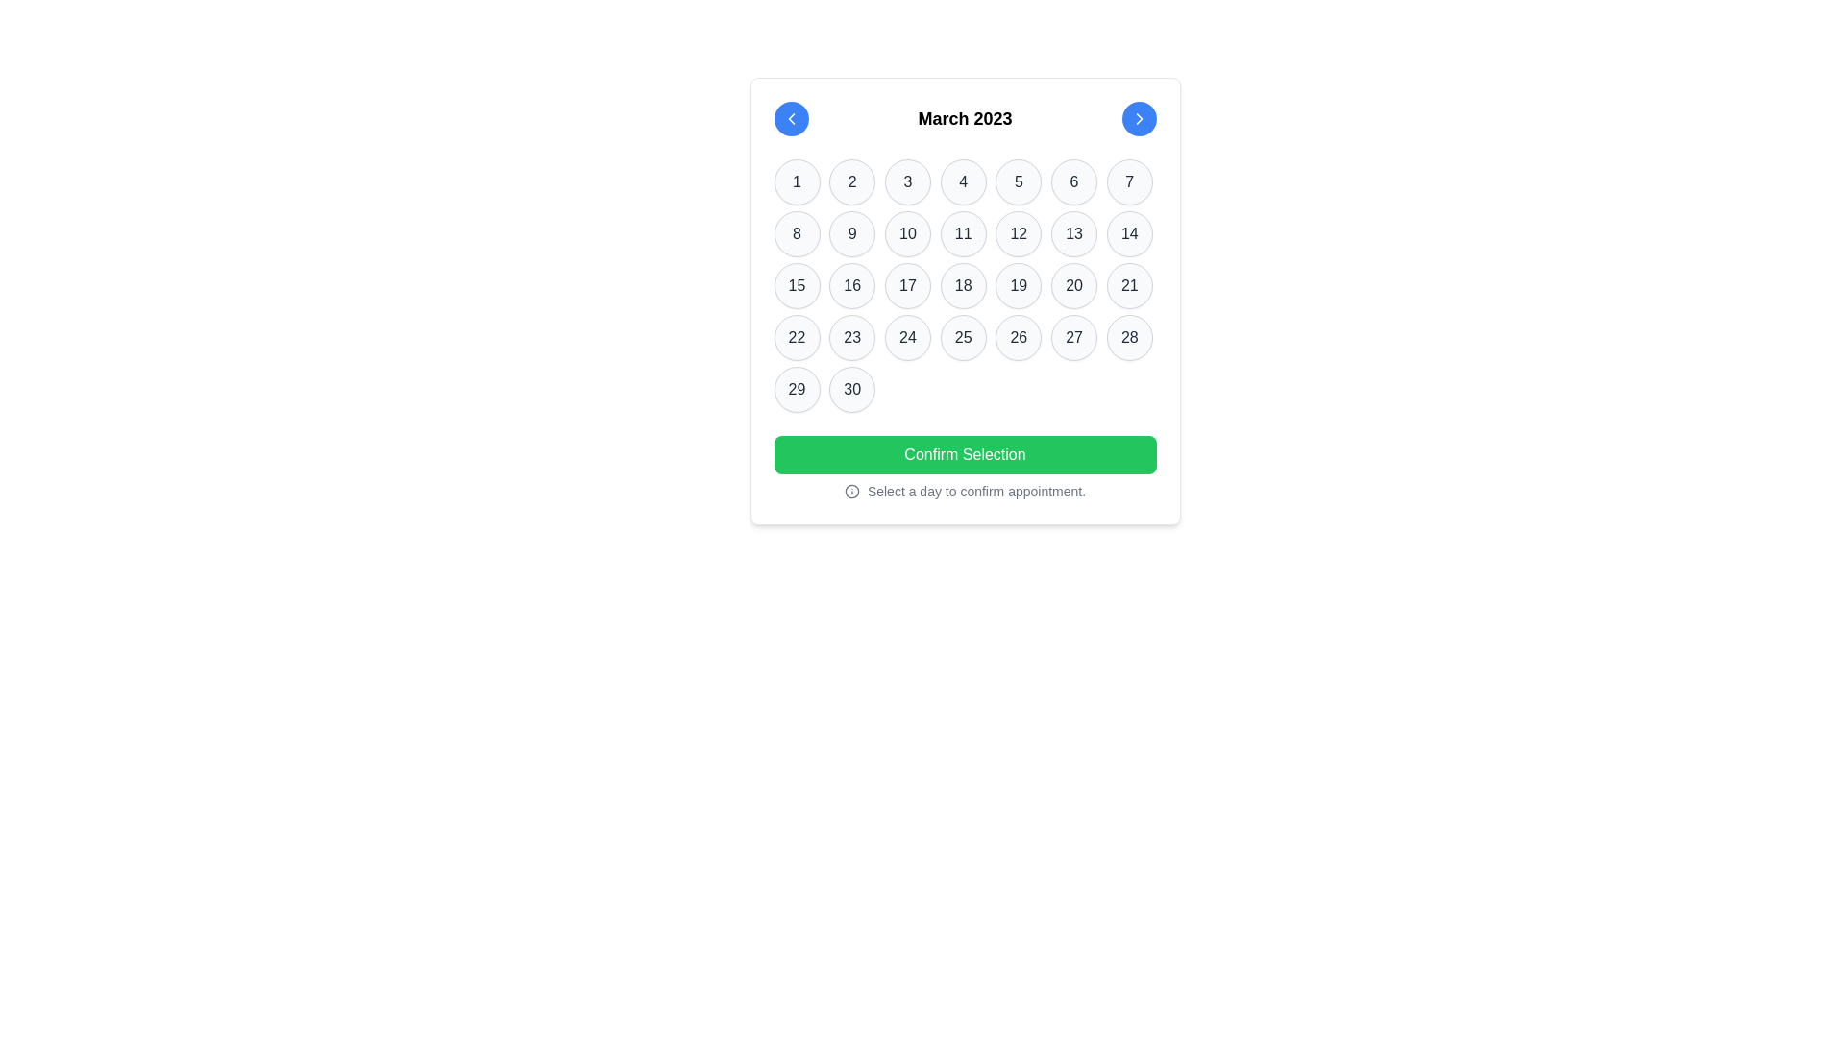  I want to click on the button used for selecting the date '5' on the calendar-like interface located at the top row, fifth column, so click(1018, 181).